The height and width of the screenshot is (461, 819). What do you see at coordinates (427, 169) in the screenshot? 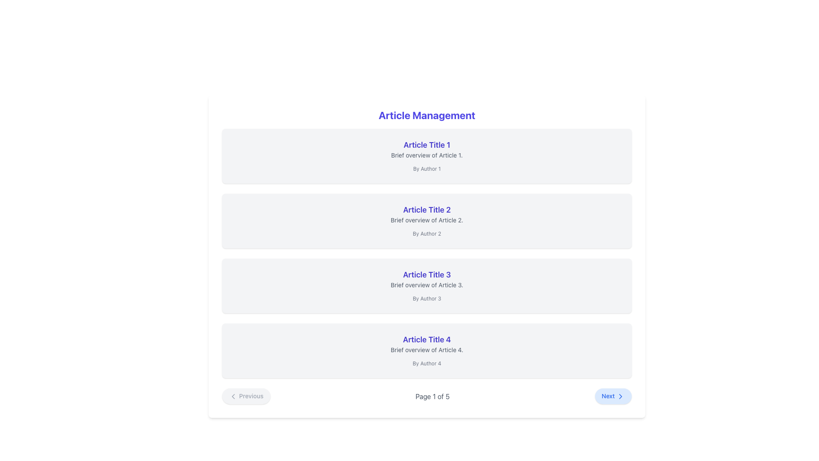
I see `the text label that reads 'By Author 1', which is styled in light gray and positioned beneath the description of 'Article Title 1'` at bounding box center [427, 169].